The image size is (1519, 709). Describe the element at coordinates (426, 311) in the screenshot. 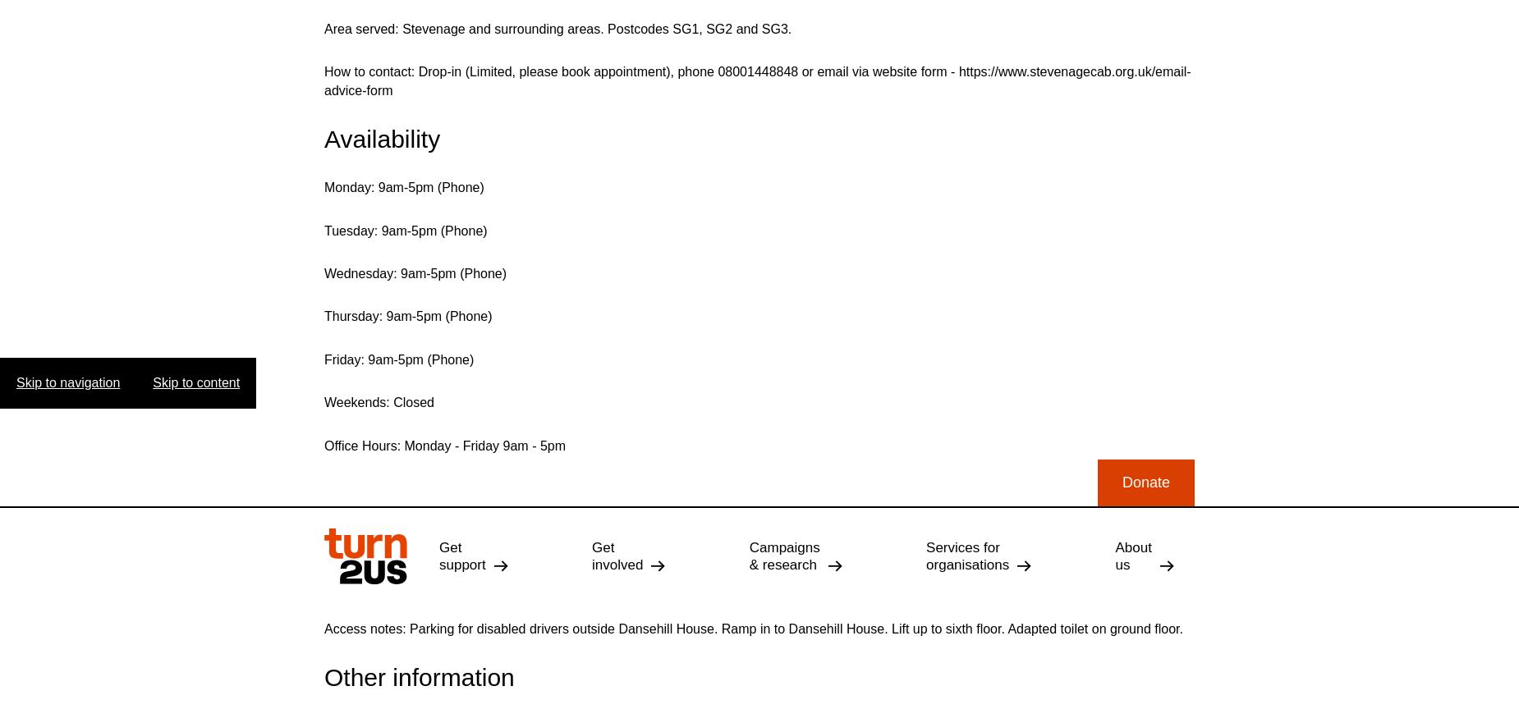

I see `'Back to search results'` at that location.